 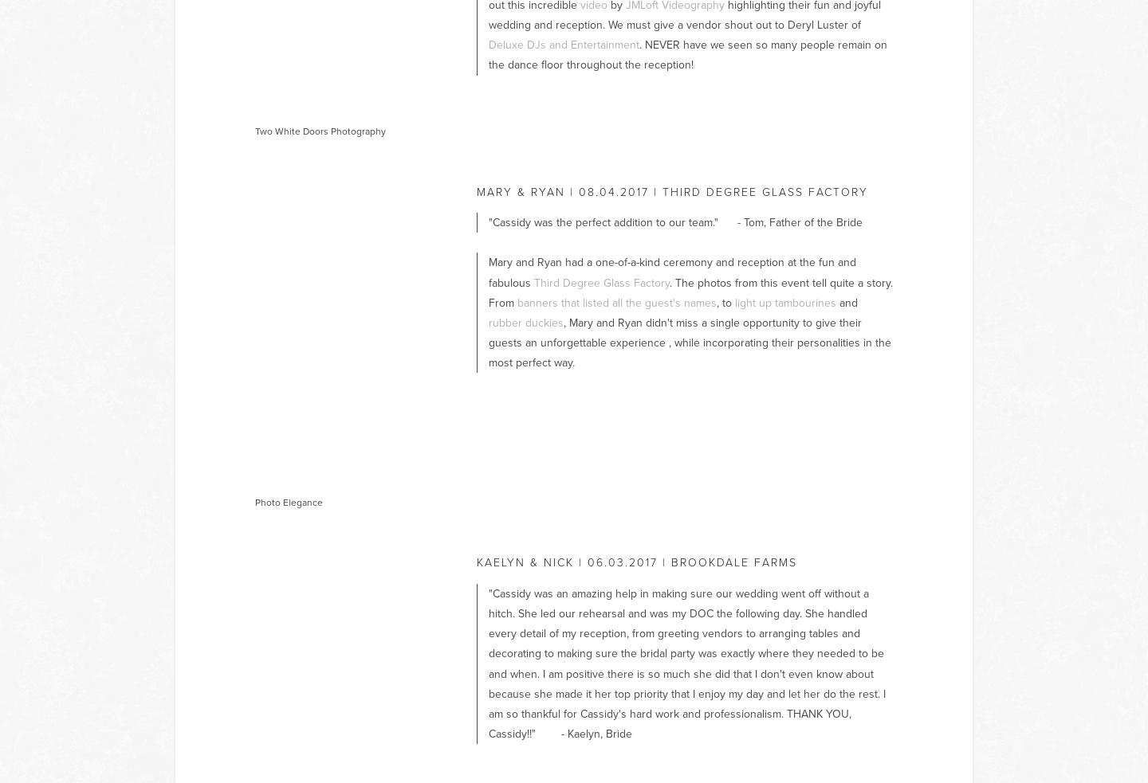 What do you see at coordinates (670, 191) in the screenshot?
I see `'mary & ryan | 08.04.2017 | Third Degree Glass Factory'` at bounding box center [670, 191].